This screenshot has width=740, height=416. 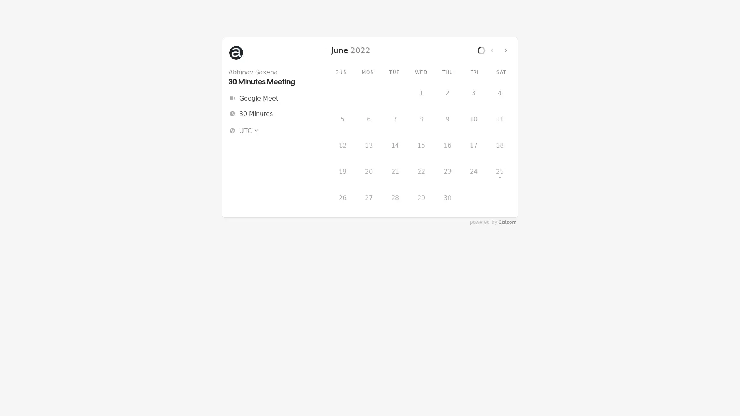 What do you see at coordinates (395, 145) in the screenshot?
I see `14` at bounding box center [395, 145].